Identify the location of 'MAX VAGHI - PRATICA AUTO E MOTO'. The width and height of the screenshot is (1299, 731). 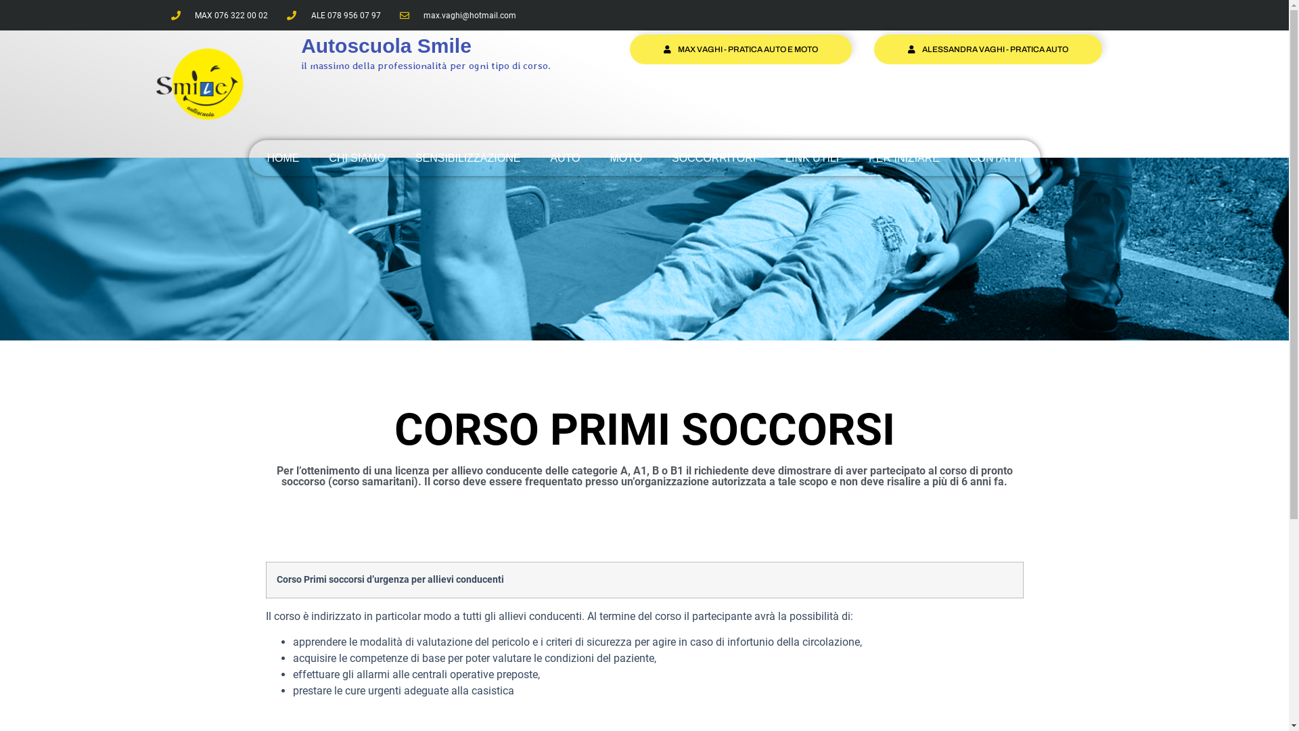
(739, 49).